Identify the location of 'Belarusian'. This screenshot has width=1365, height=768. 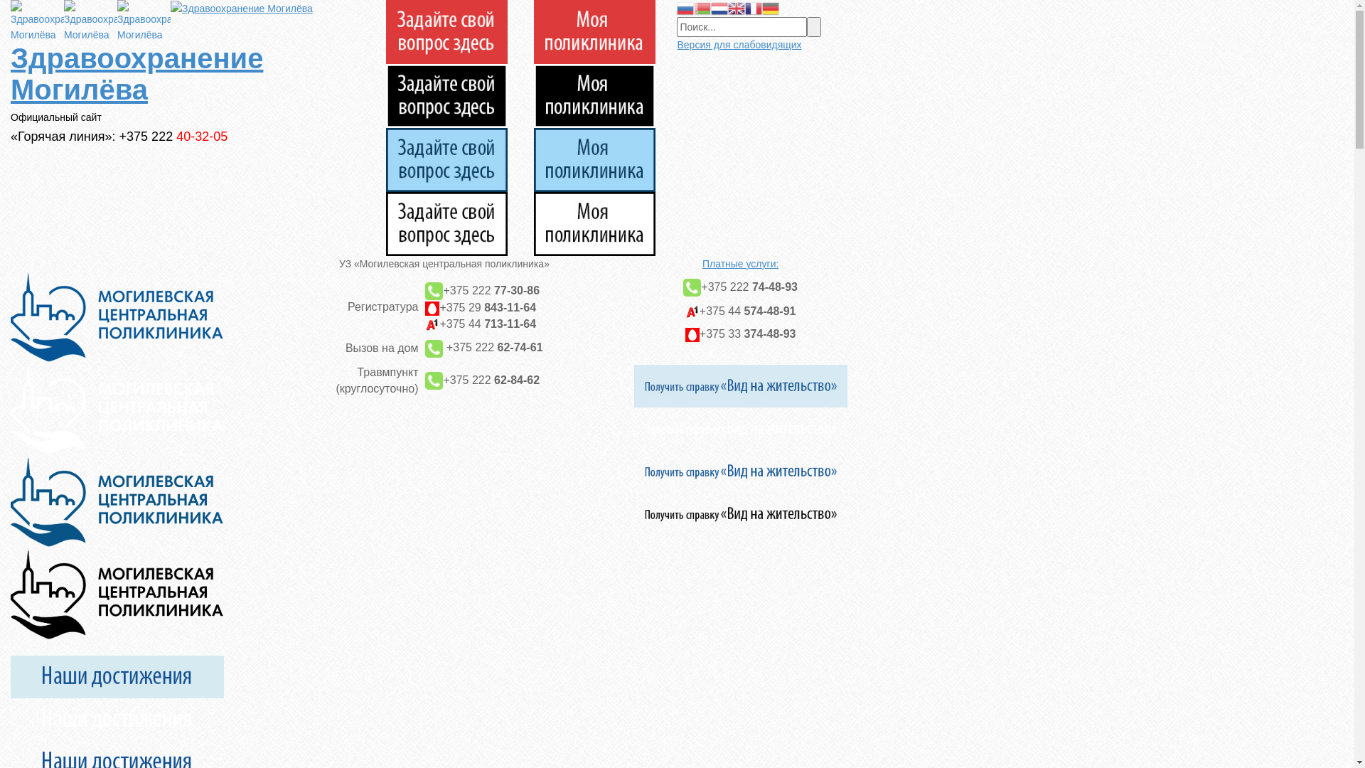
(702, 8).